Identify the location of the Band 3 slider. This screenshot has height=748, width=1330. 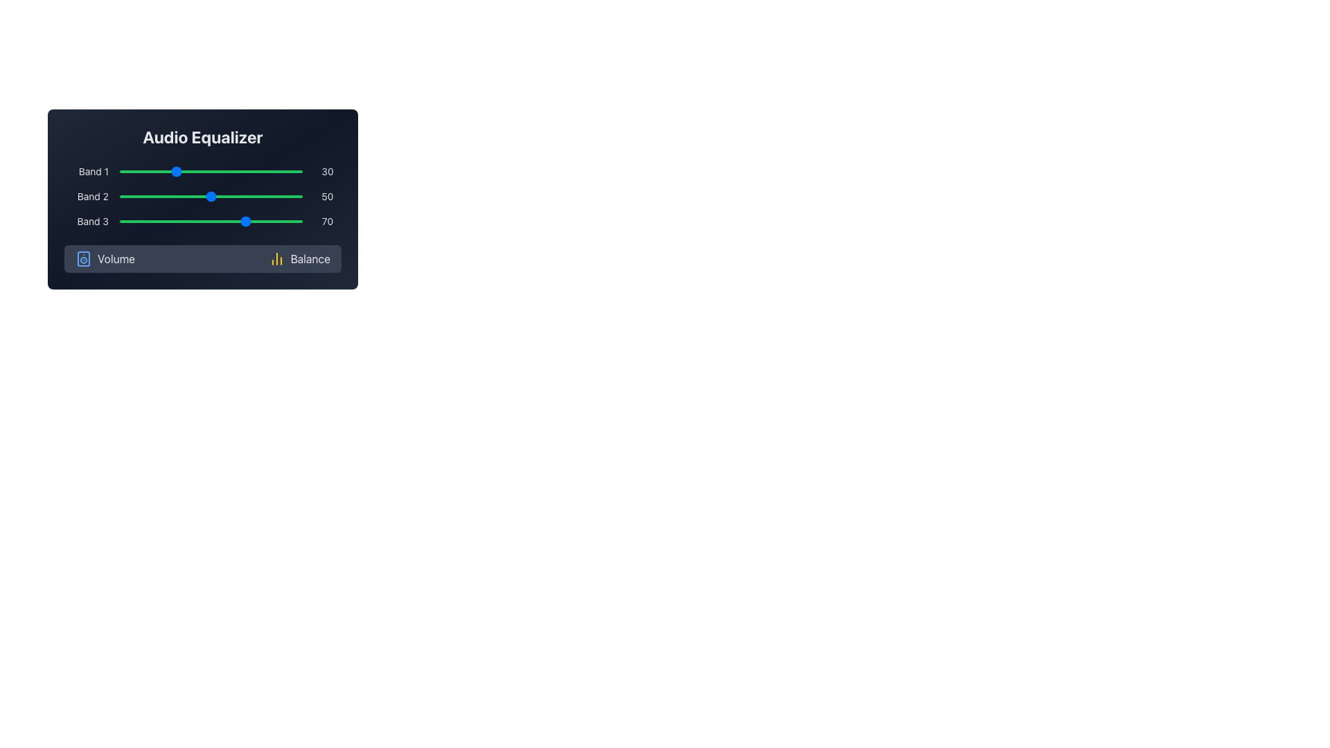
(240, 221).